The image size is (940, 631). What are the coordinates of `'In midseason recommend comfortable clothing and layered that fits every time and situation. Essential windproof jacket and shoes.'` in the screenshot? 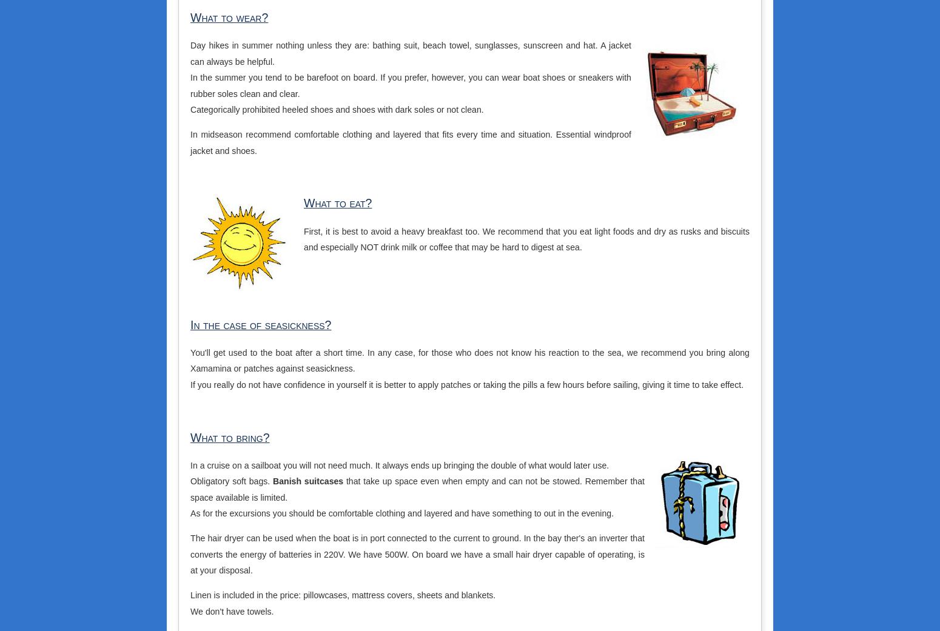 It's located at (410, 141).